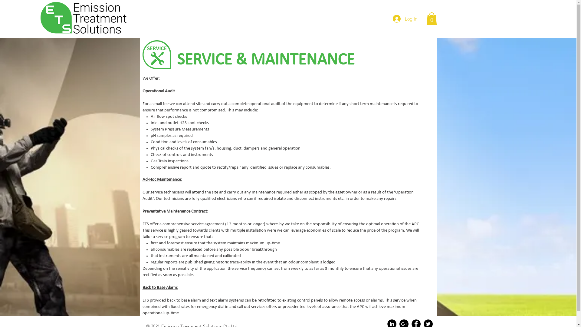 The height and width of the screenshot is (327, 581). Describe the element at coordinates (40, 18) in the screenshot. I see `'EMISSION TREATMENT SOLUTIONS LOGO 170504.png'` at that location.